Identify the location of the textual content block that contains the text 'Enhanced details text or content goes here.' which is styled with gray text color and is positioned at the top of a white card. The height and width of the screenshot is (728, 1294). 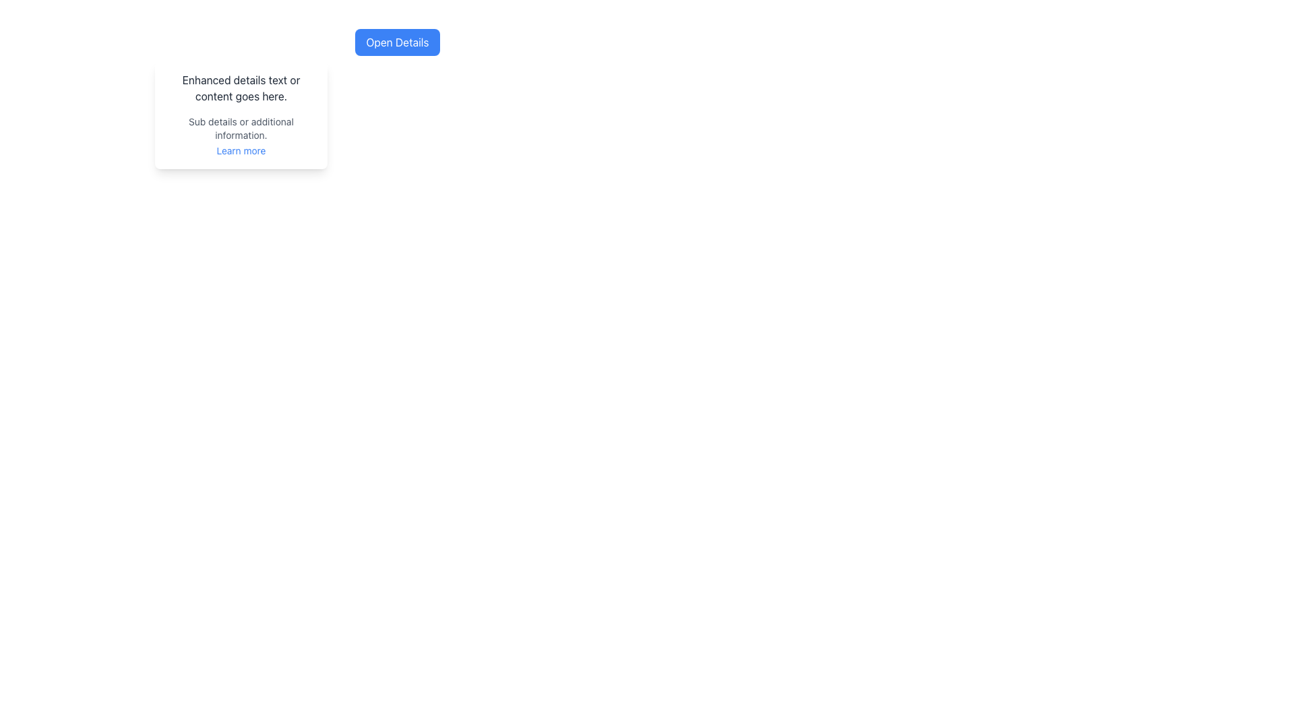
(241, 88).